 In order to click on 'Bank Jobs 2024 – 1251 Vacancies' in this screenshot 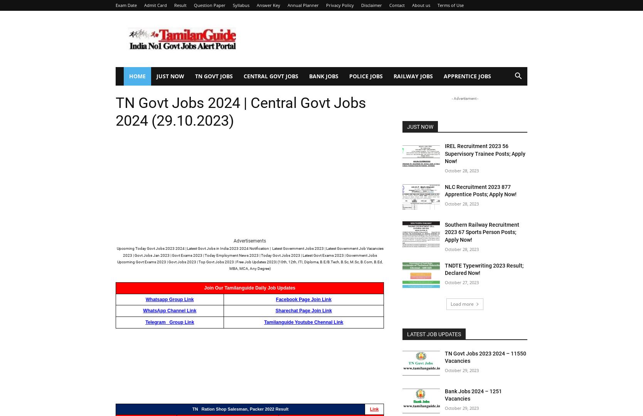, I will do `click(473, 394)`.